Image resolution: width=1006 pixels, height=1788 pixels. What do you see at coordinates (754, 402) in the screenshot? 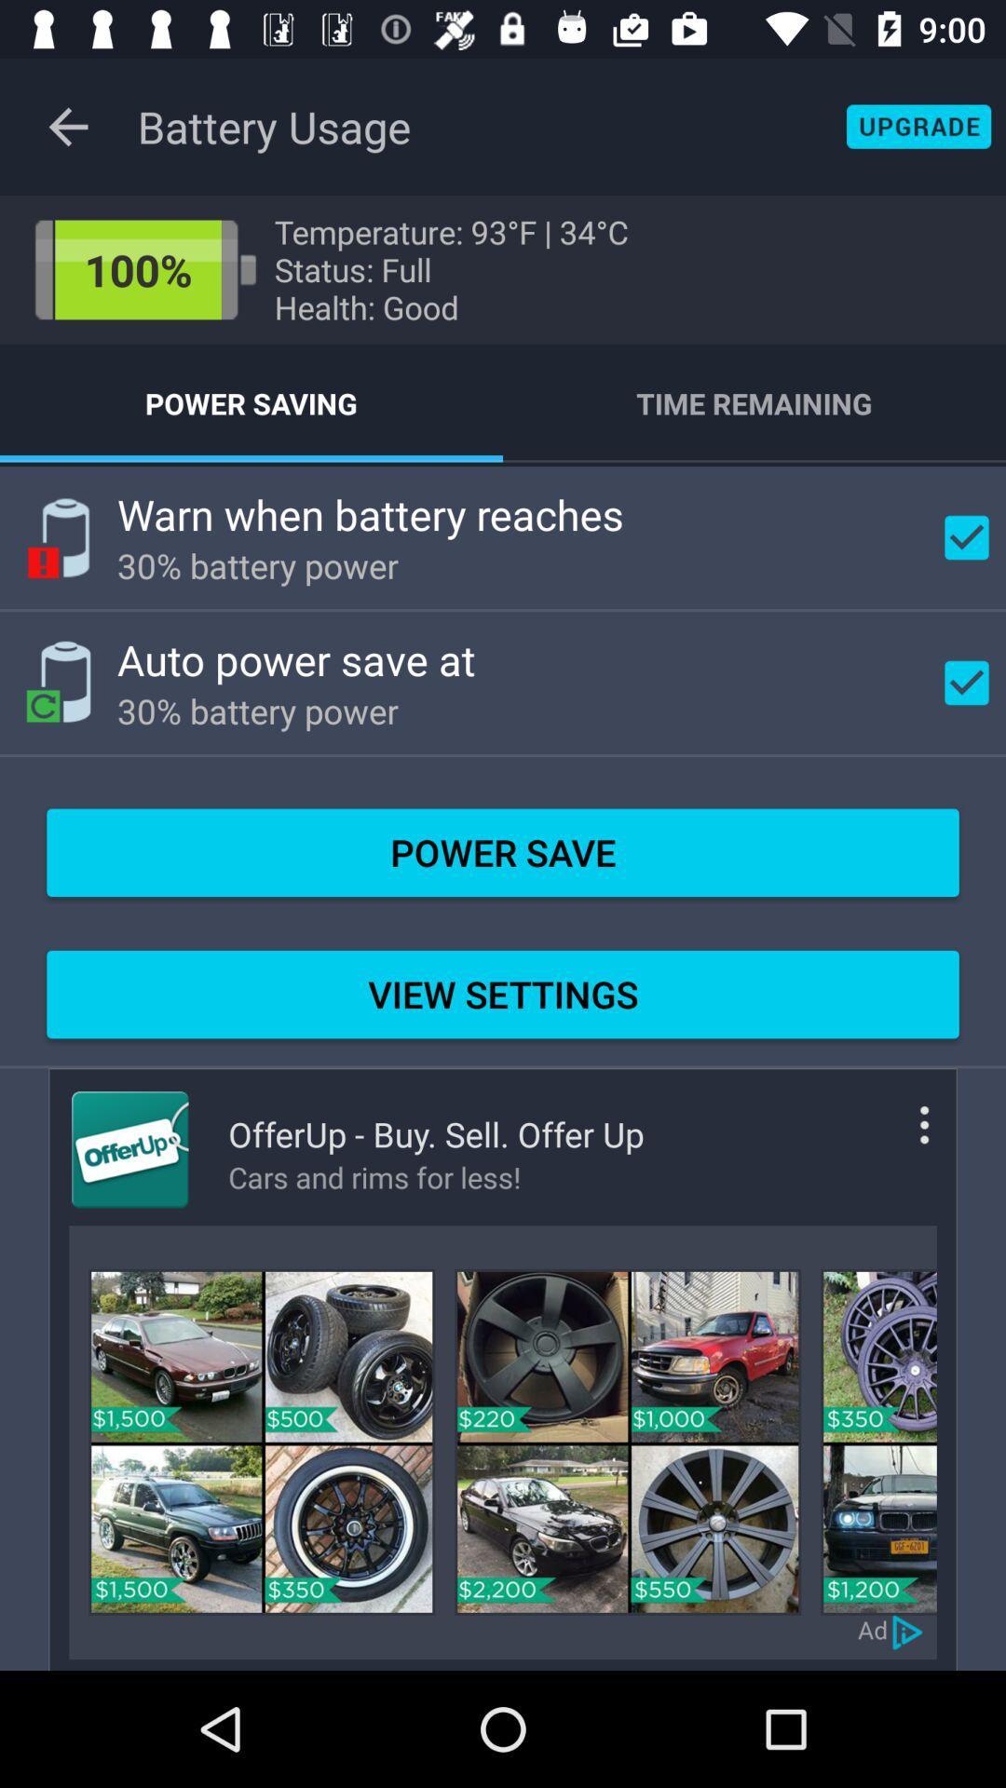
I see `time remaining icon` at bounding box center [754, 402].